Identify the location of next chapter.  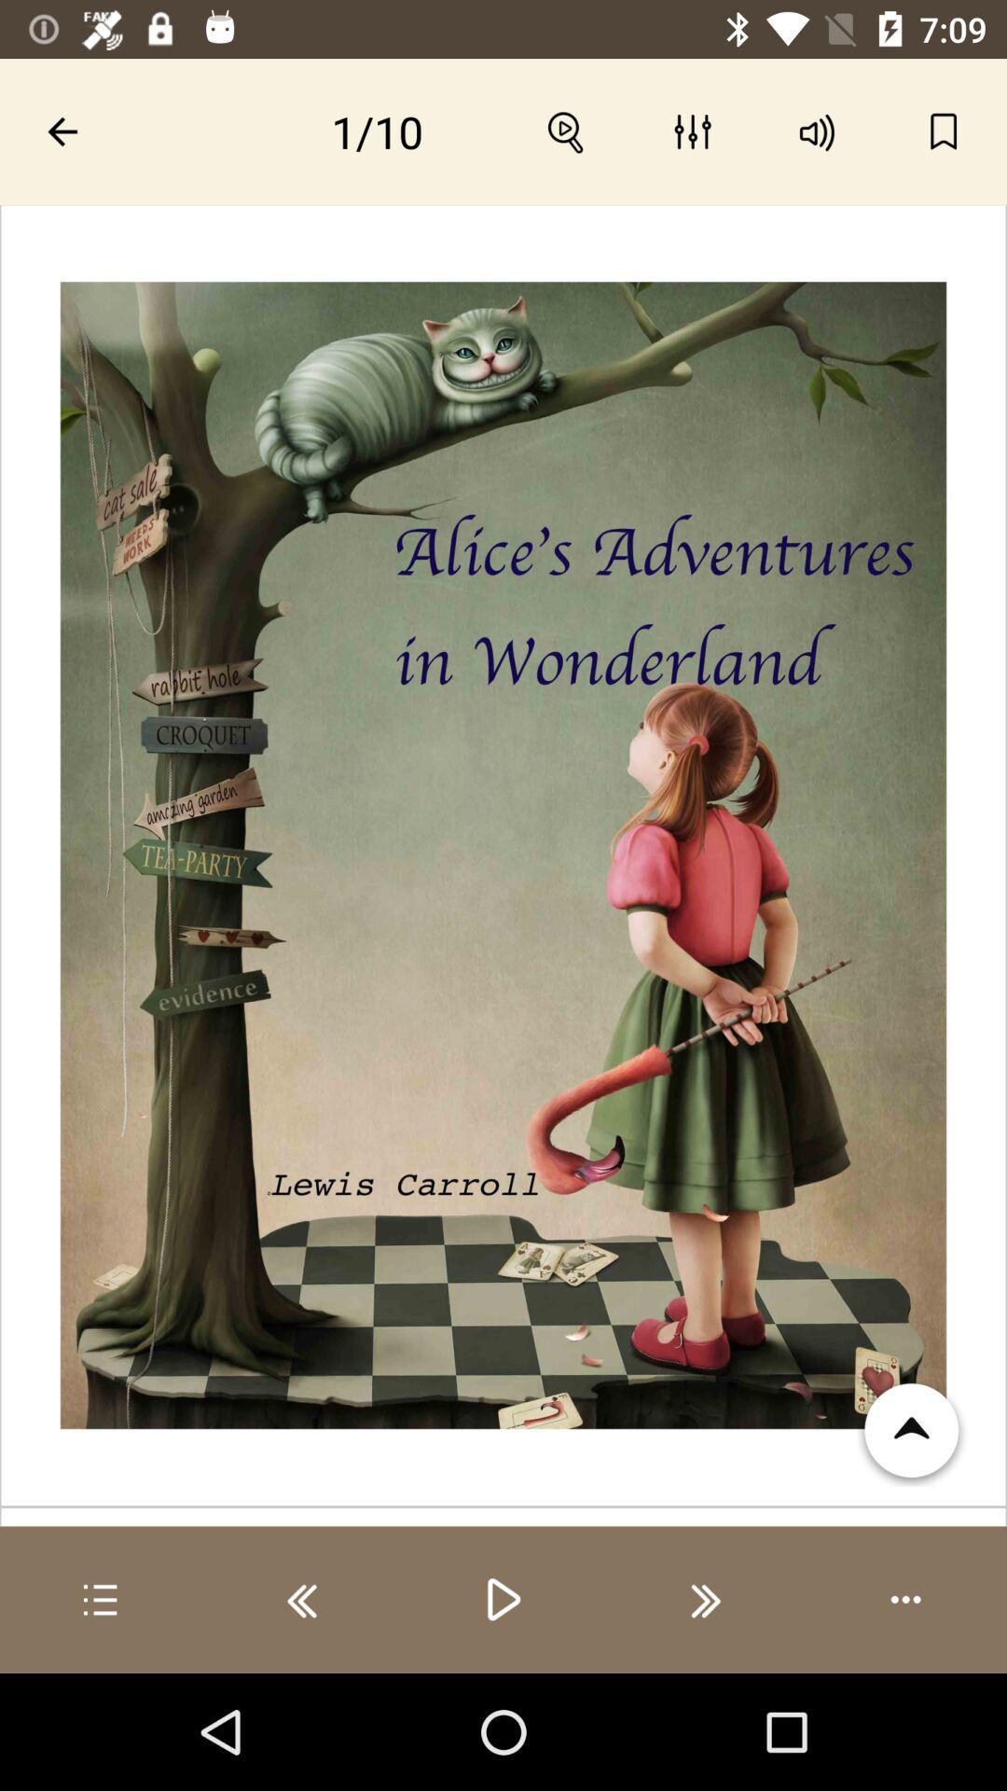
(705, 1599).